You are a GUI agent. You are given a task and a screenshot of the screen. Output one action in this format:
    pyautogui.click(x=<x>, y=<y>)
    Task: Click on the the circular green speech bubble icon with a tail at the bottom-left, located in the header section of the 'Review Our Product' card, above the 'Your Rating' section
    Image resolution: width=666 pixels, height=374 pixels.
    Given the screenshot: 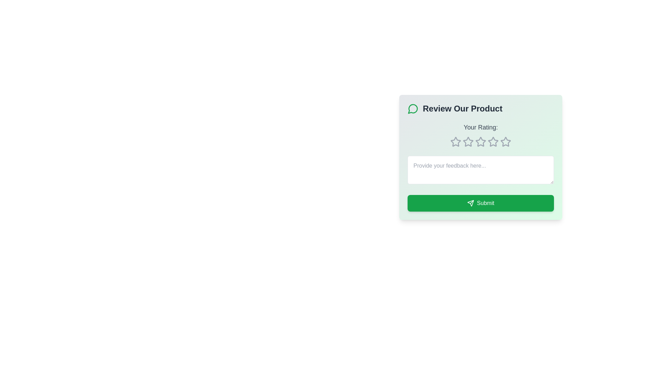 What is the action you would take?
    pyautogui.click(x=413, y=109)
    